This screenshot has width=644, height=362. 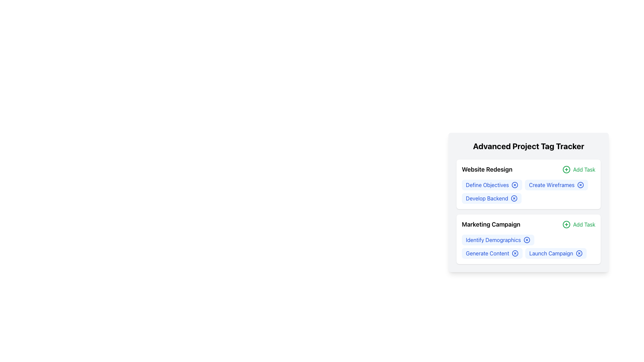 What do you see at coordinates (528, 239) in the screenshot?
I see `the action labels within the 'Marketing Campaign' section to interact with tasks such as 'Identify Demographics', 'Generate Content', and 'Launch Campaign'` at bounding box center [528, 239].